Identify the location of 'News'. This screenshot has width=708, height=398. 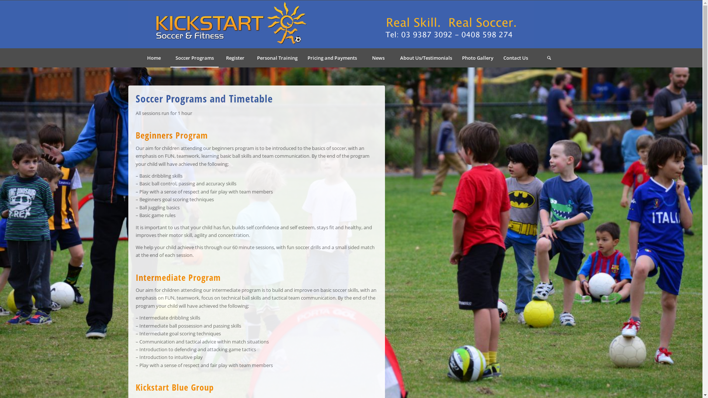
(378, 57).